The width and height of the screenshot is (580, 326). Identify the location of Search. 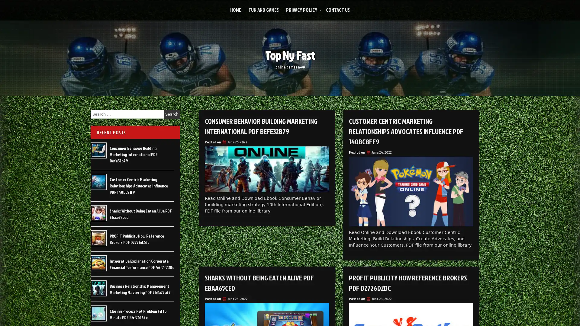
(172, 114).